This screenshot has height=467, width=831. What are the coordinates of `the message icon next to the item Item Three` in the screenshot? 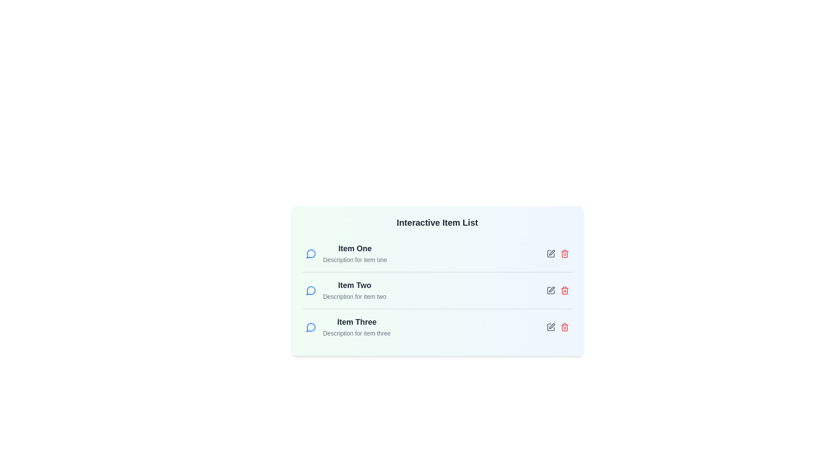 It's located at (311, 327).